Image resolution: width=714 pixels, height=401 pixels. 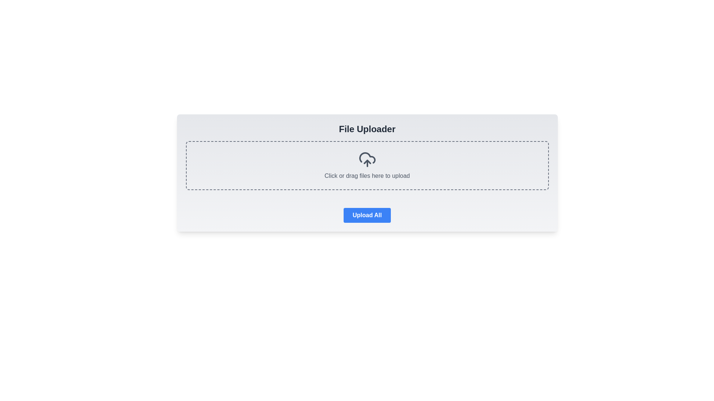 I want to click on the cloud icon that represents the upload functionality, which is visually distinct with a split contour and is located between the 'File Uploader' heading and the 'Upload All' button, so click(x=367, y=157).